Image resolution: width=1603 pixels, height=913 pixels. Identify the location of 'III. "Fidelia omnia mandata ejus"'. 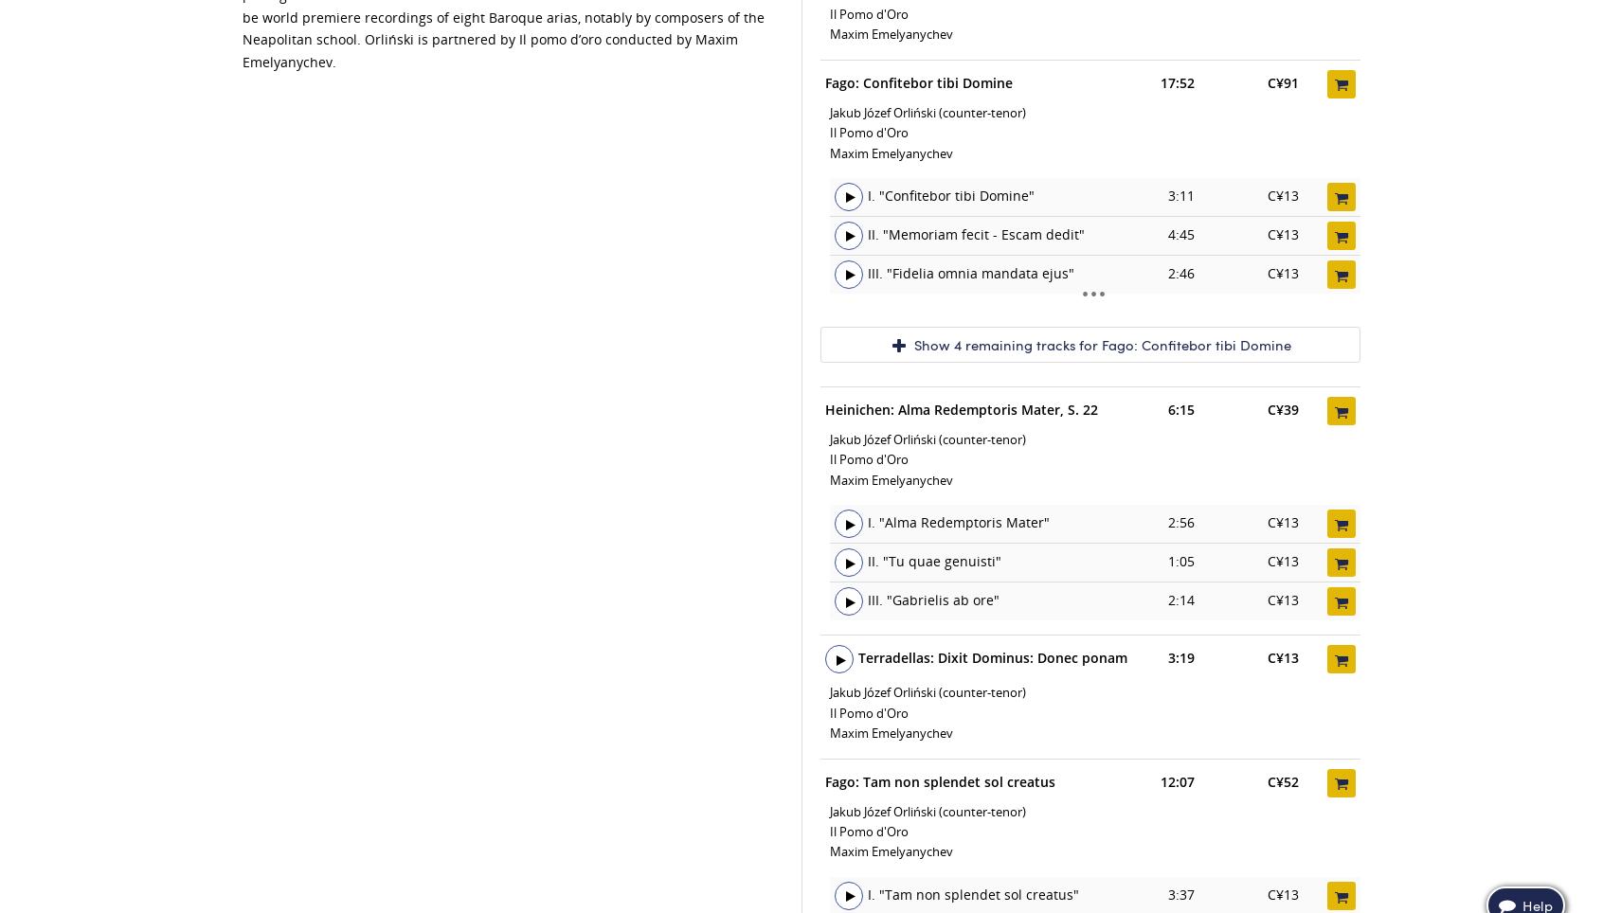
(970, 273).